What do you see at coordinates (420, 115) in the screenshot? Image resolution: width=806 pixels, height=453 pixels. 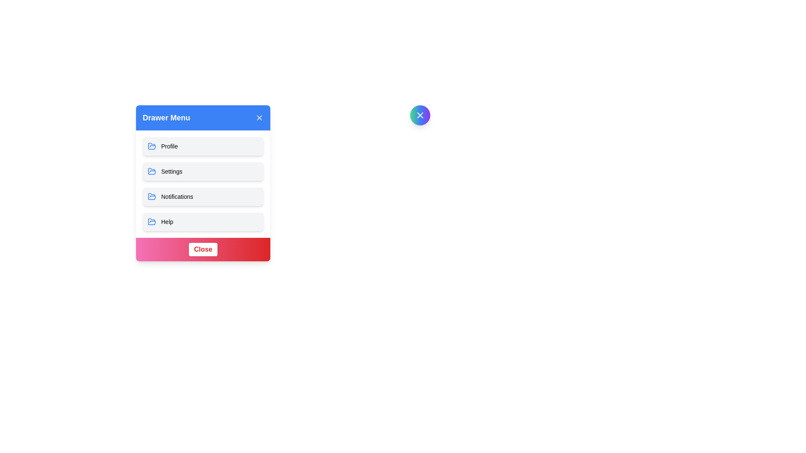 I see `the circular button with an 'X' icon that has a gradient color from green to blue and purple to possibly see a tooltip` at bounding box center [420, 115].